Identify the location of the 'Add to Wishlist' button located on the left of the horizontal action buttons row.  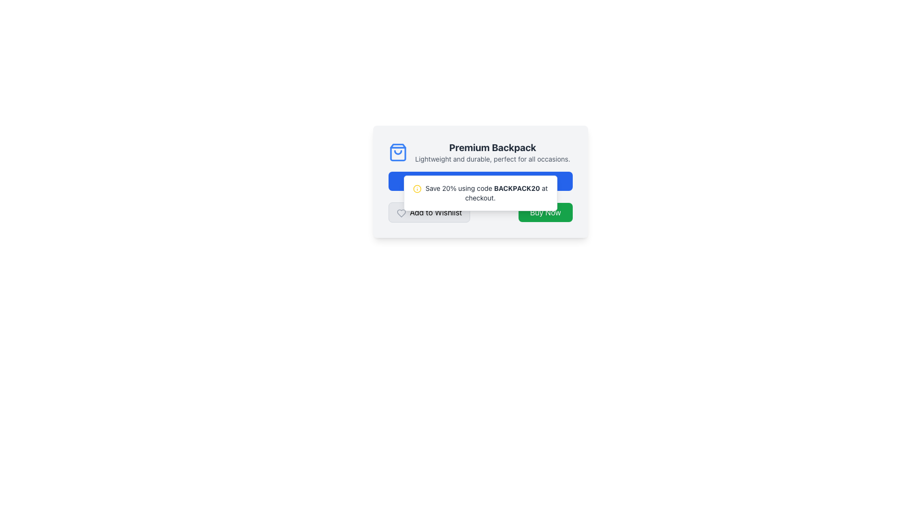
(428, 212).